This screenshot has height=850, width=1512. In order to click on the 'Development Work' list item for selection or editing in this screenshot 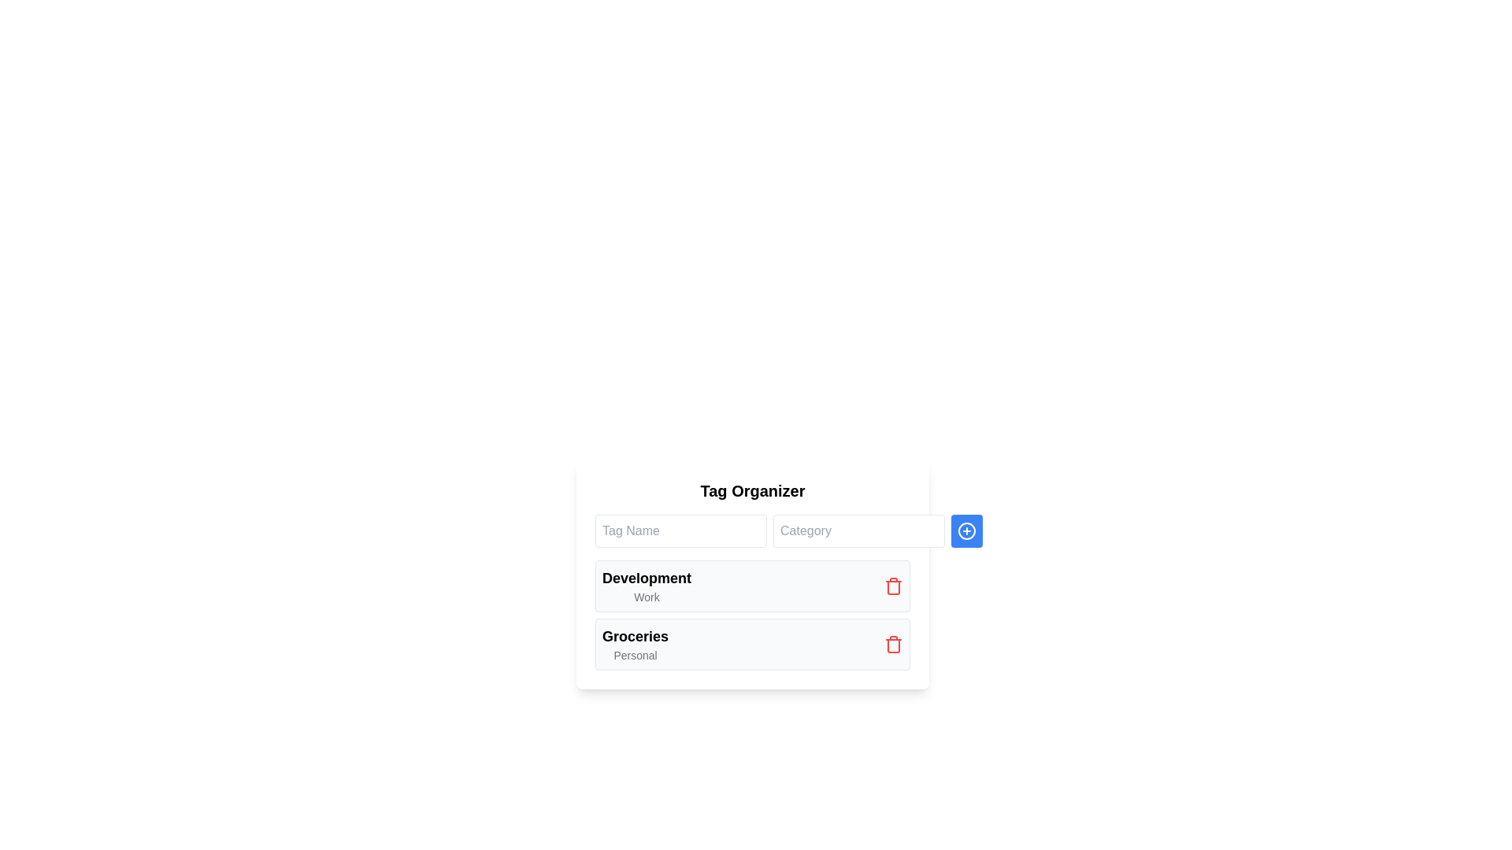, I will do `click(751, 586)`.